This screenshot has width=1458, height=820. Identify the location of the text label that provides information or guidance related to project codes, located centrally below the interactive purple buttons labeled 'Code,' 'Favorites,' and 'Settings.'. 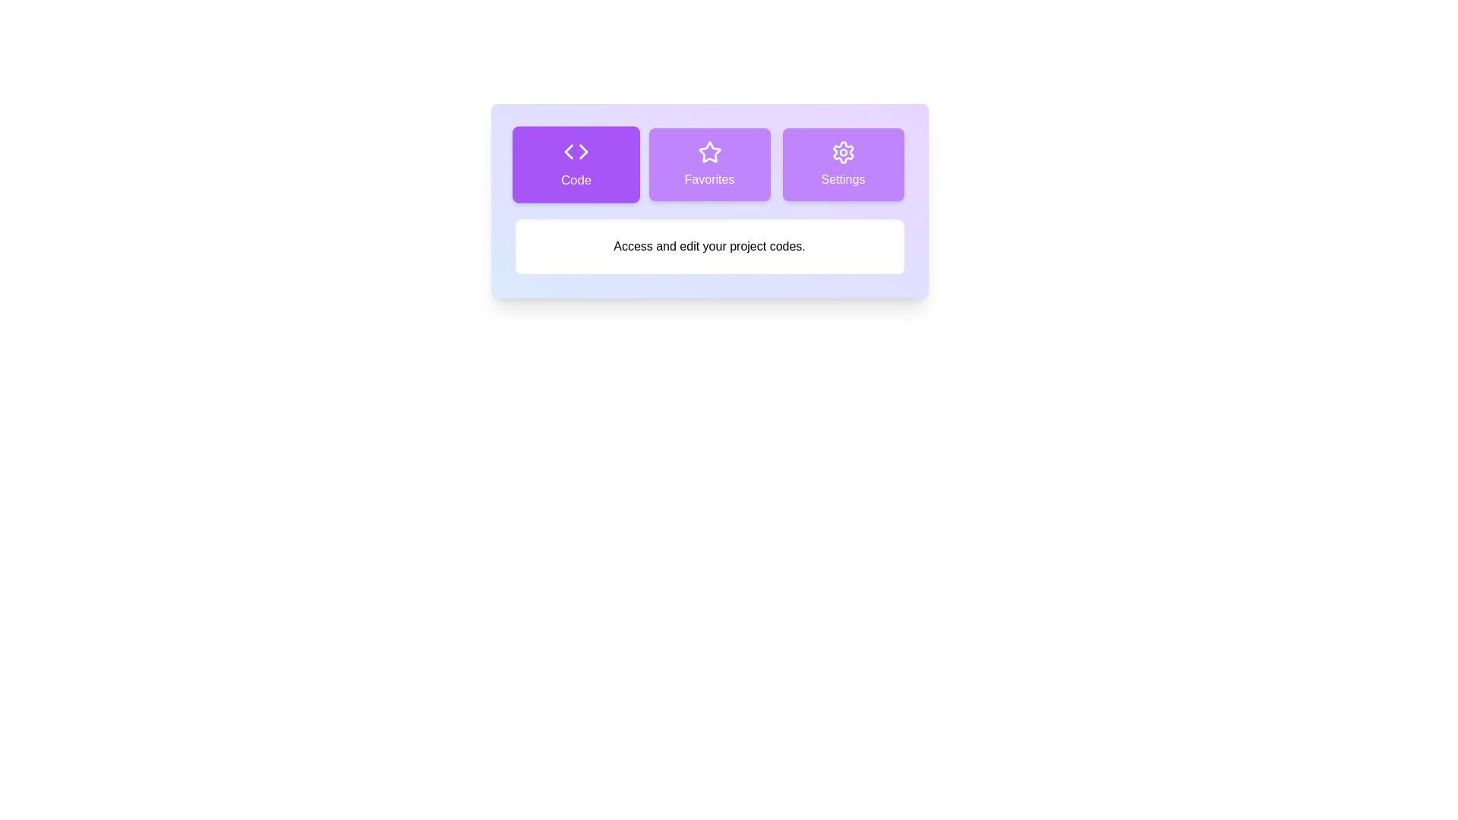
(708, 245).